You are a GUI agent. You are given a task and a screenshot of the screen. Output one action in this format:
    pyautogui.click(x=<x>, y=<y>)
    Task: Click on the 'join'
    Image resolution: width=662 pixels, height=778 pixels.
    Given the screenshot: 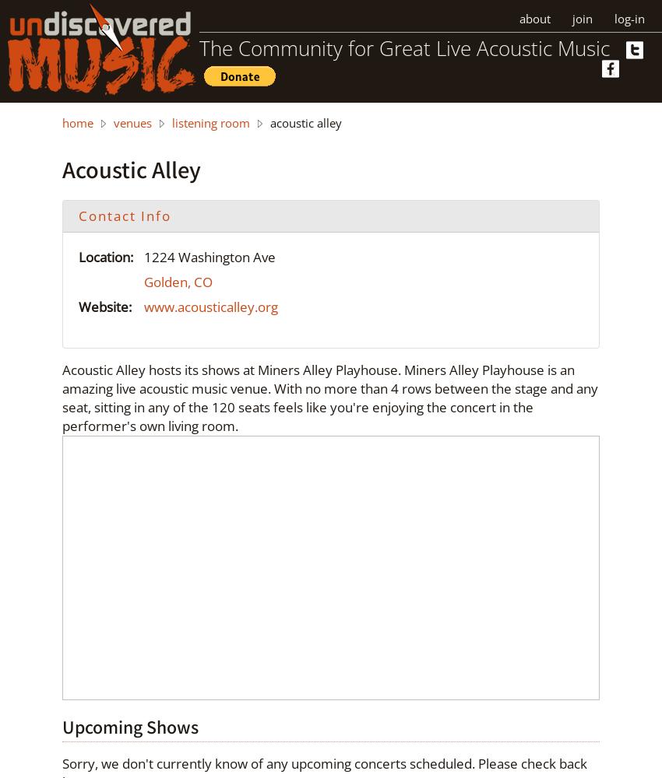 What is the action you would take?
    pyautogui.click(x=583, y=19)
    